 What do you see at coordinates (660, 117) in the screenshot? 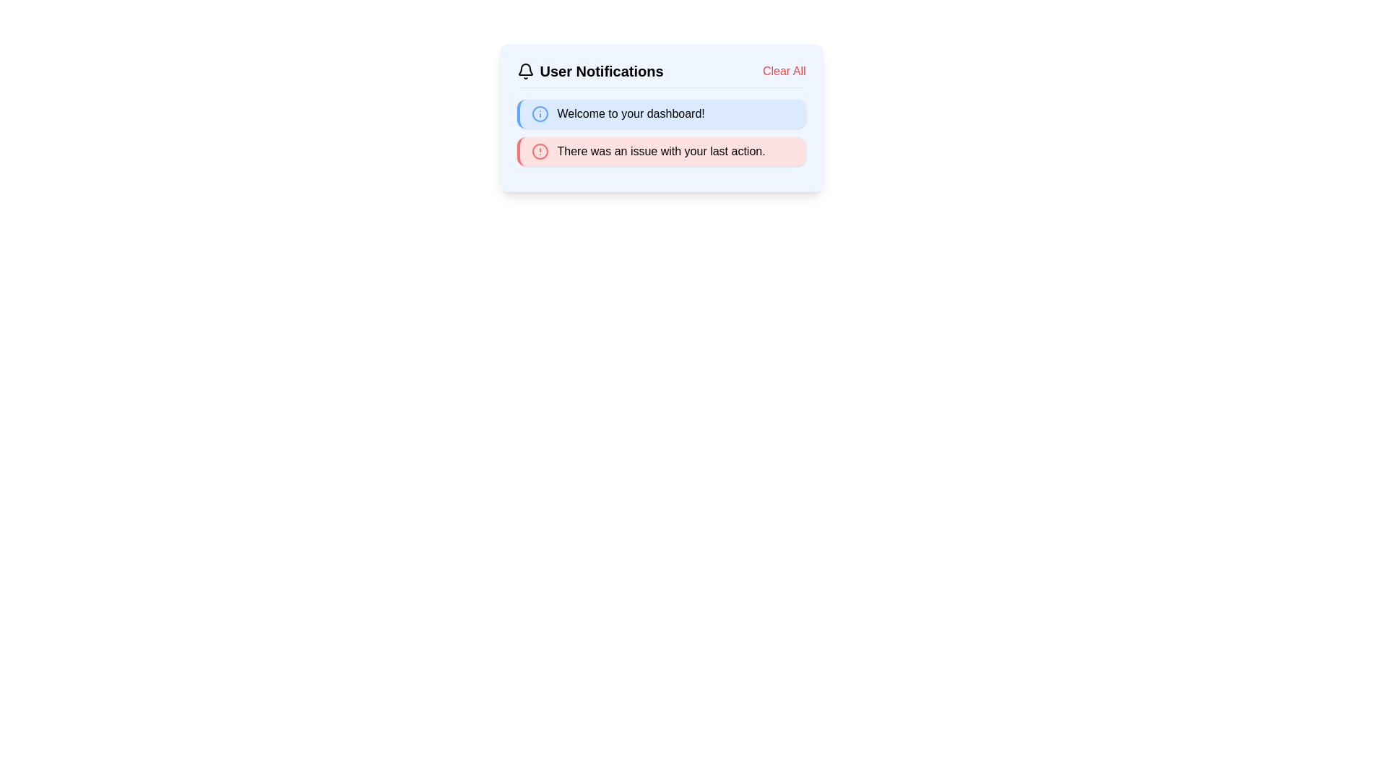
I see `text inside the notification card that says 'Welcome to your dashboard!' which has a light blue background and is the first item in the list of notifications` at bounding box center [660, 117].